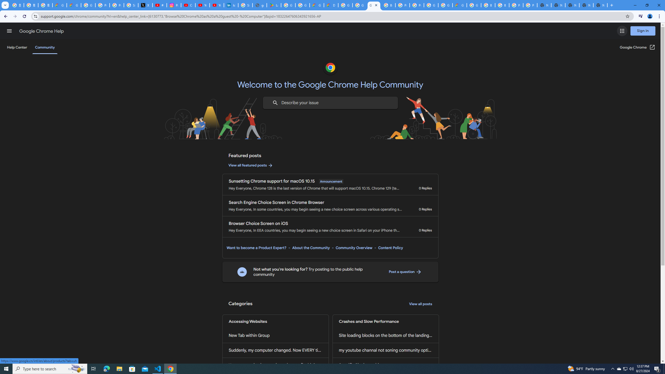 The height and width of the screenshot is (374, 665). I want to click on 'Community Overview', so click(354, 248).